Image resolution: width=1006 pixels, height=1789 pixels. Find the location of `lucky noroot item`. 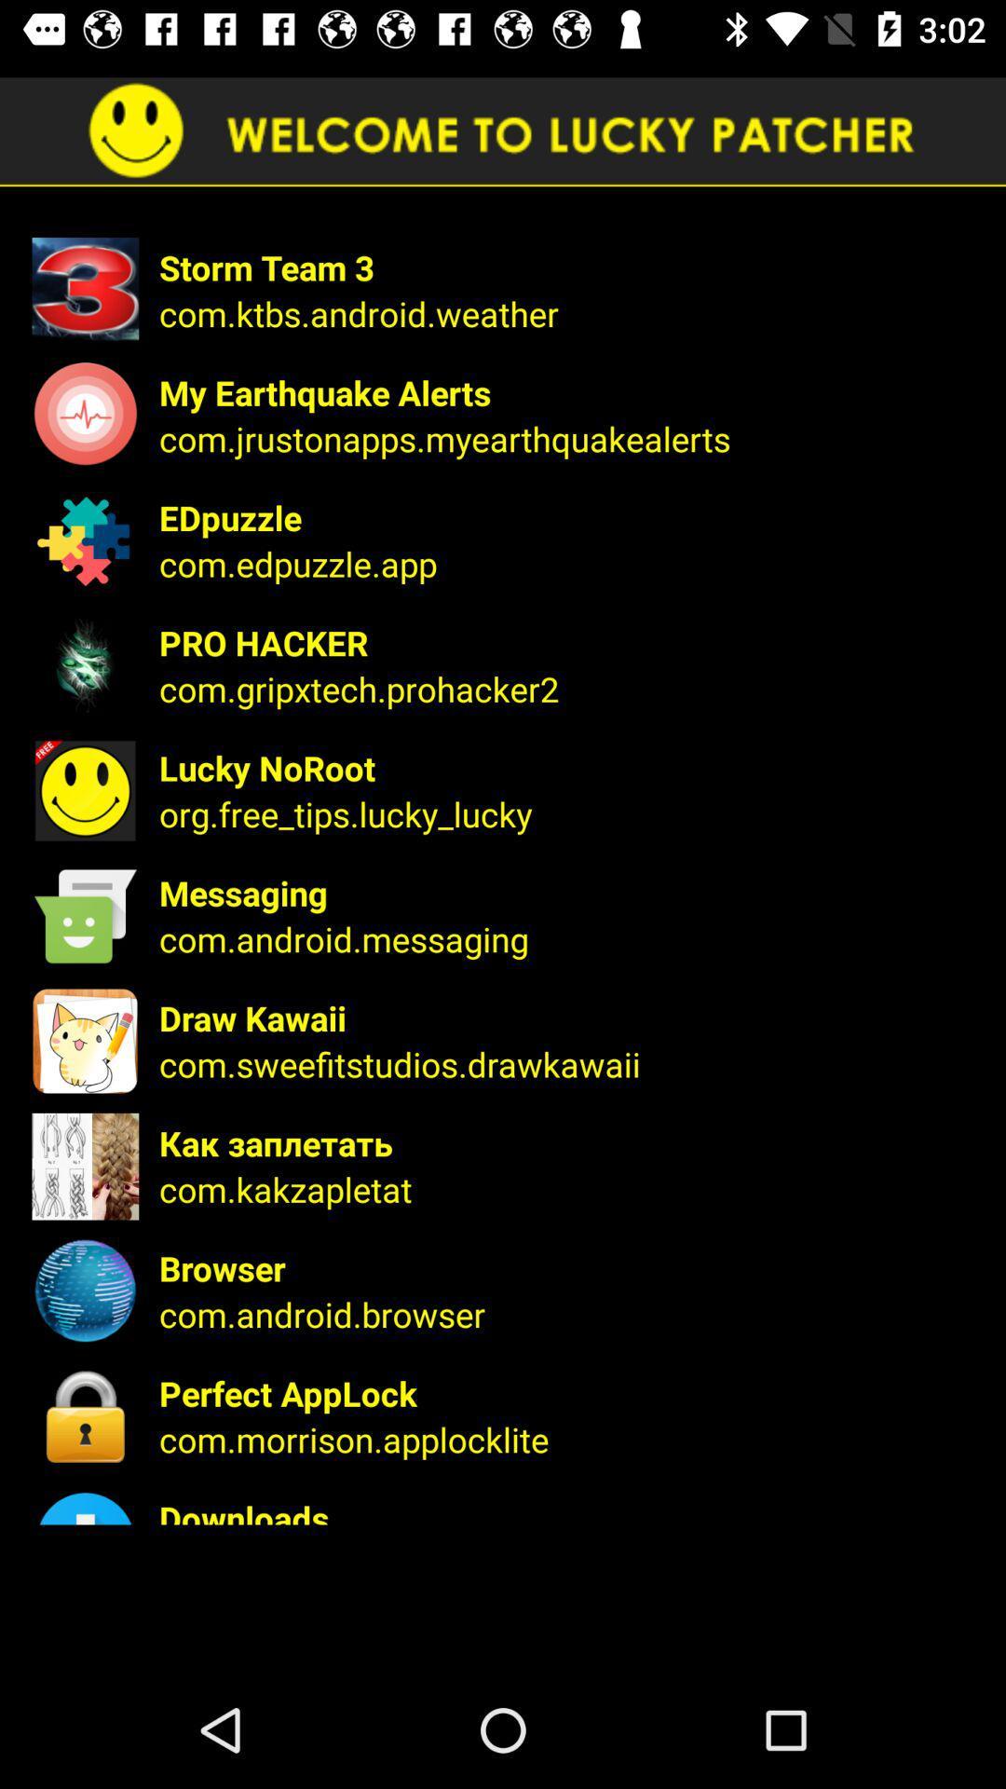

lucky noroot item is located at coordinates (569, 768).